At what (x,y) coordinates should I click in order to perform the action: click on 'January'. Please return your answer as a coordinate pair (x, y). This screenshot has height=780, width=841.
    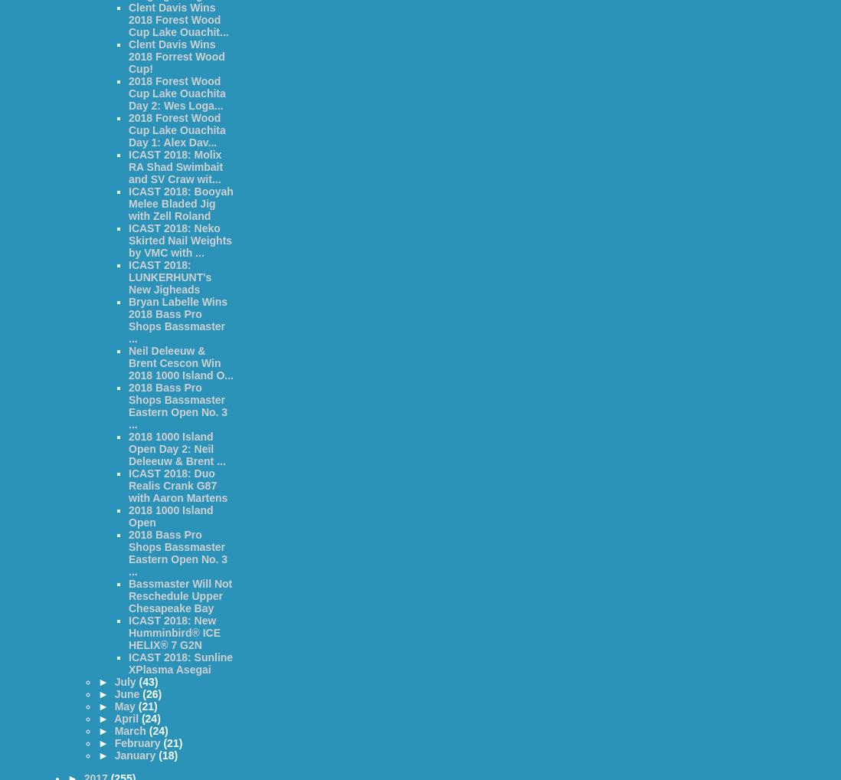
    Looking at the image, I should click on (136, 755).